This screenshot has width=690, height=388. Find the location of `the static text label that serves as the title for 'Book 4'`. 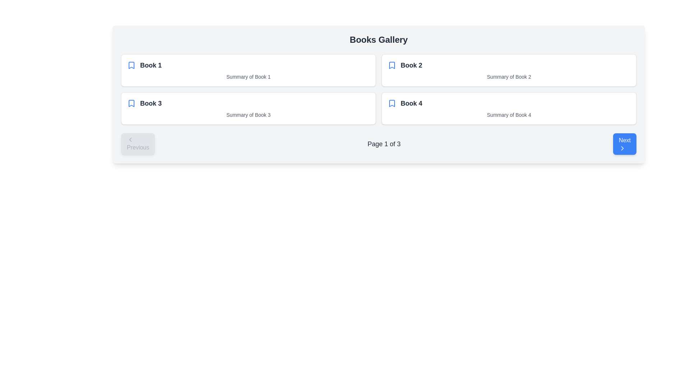

the static text label that serves as the title for 'Book 4' is located at coordinates (411, 103).